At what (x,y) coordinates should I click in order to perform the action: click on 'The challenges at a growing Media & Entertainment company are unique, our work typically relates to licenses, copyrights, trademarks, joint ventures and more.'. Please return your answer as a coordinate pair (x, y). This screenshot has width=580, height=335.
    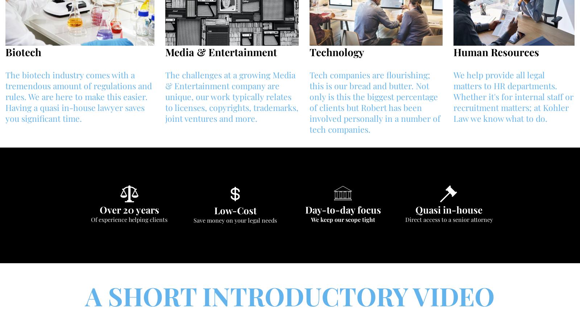
    Looking at the image, I should click on (232, 96).